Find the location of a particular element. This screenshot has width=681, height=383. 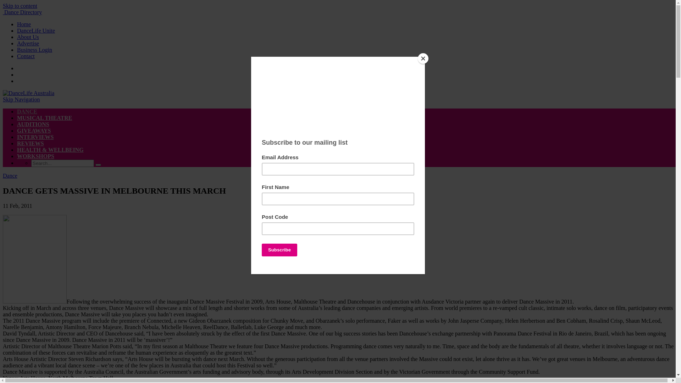

'Skip Navigation' is located at coordinates (3, 99).